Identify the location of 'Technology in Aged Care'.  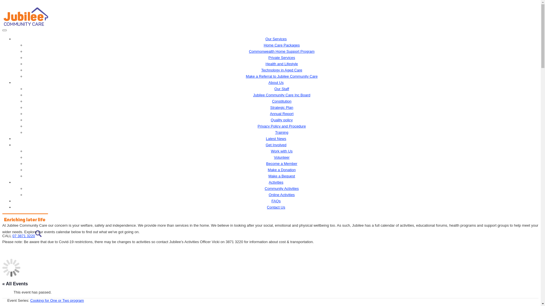
(282, 70).